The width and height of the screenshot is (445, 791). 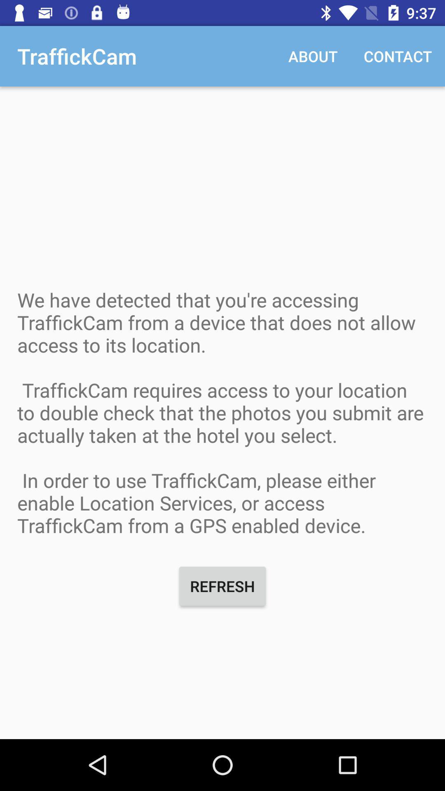 What do you see at coordinates (397, 56) in the screenshot?
I see `the item next to the about icon` at bounding box center [397, 56].